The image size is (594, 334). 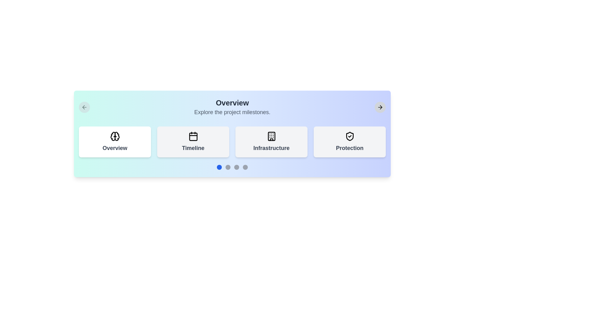 What do you see at coordinates (271, 148) in the screenshot?
I see `the 'Infrastructure' text label, which is displayed in bold, large font and centered in a card-like UI with rounded corners` at bounding box center [271, 148].